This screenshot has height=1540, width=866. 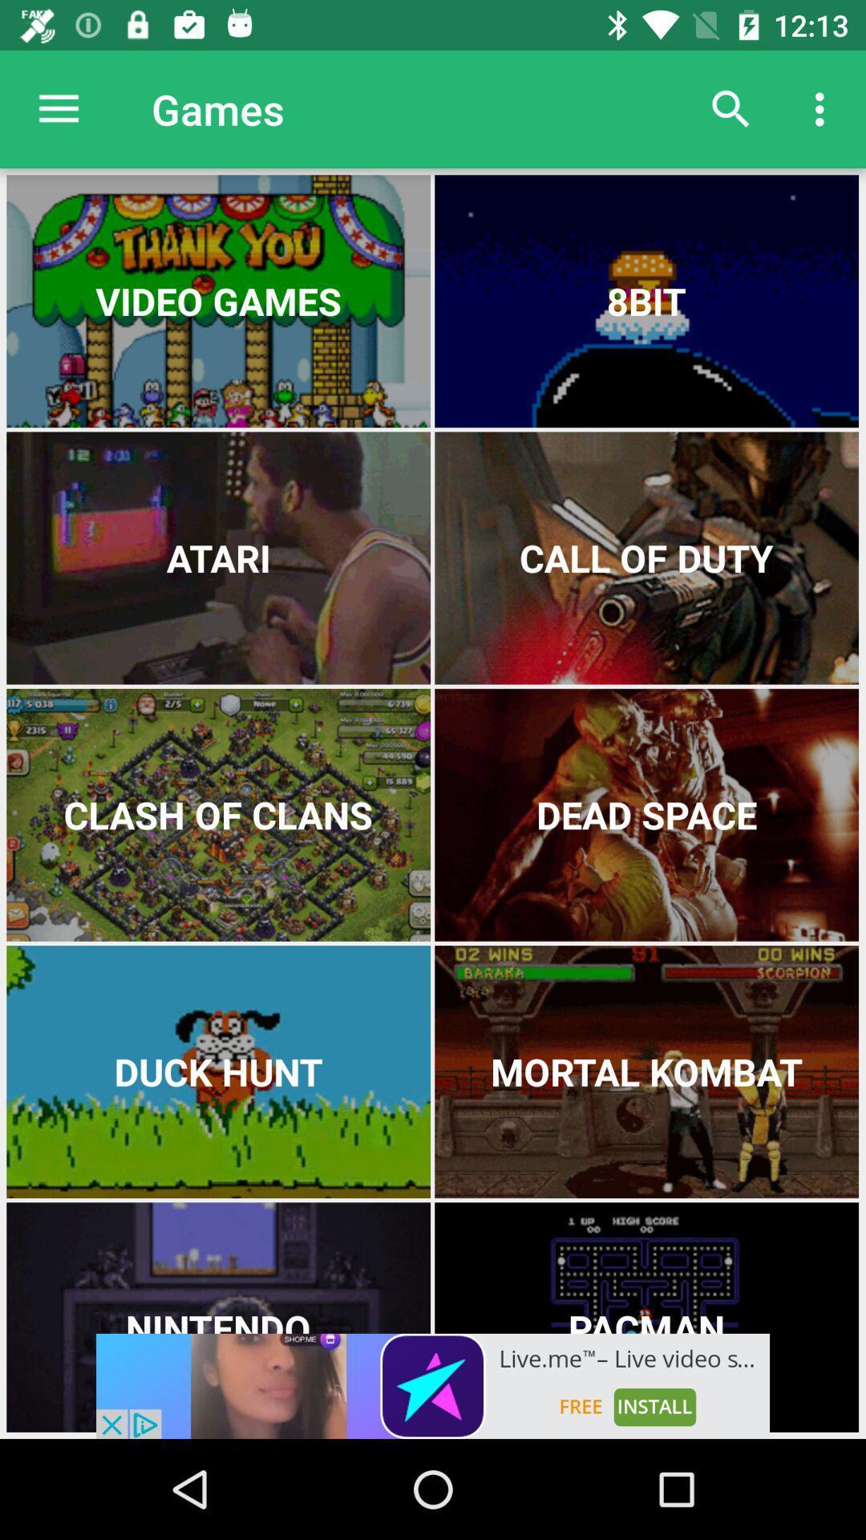 I want to click on an advertisement, so click(x=433, y=1385).